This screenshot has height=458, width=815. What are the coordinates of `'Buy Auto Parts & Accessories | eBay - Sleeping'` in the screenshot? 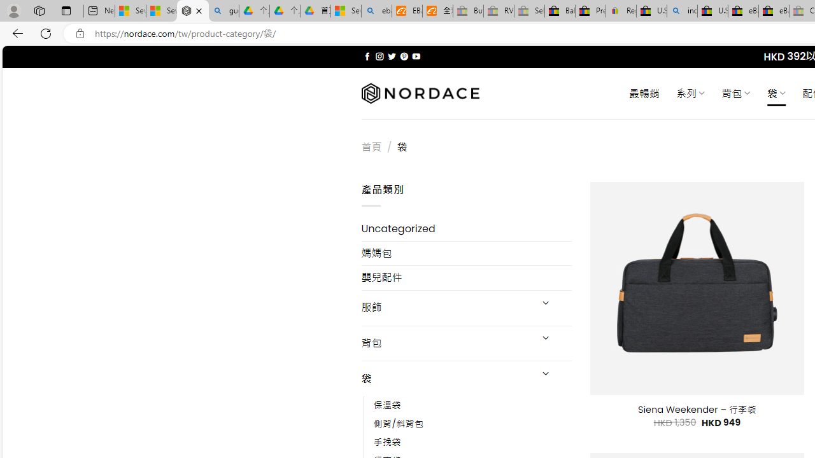 It's located at (467, 11).